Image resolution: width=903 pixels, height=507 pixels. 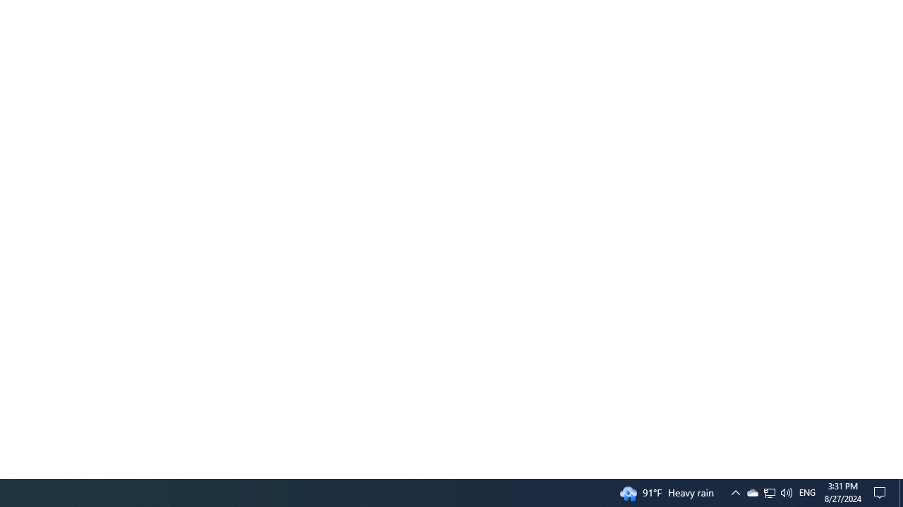 I want to click on 'Tray Input Indicator - English (United States)', so click(x=807, y=492).